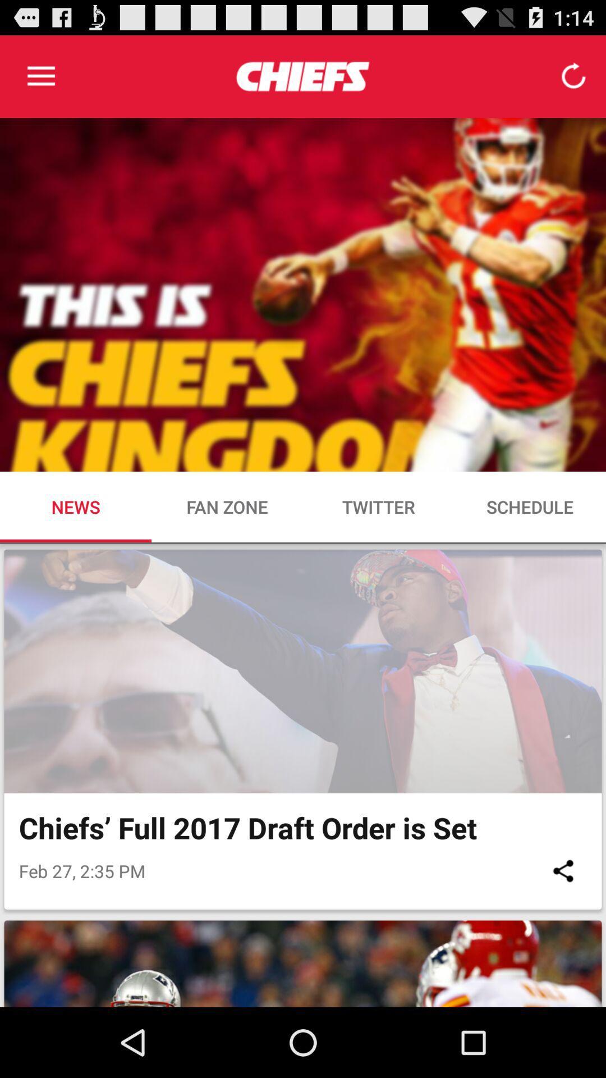 Image resolution: width=606 pixels, height=1078 pixels. Describe the element at coordinates (563, 870) in the screenshot. I see `the icon below chiefs full 2017 icon` at that location.